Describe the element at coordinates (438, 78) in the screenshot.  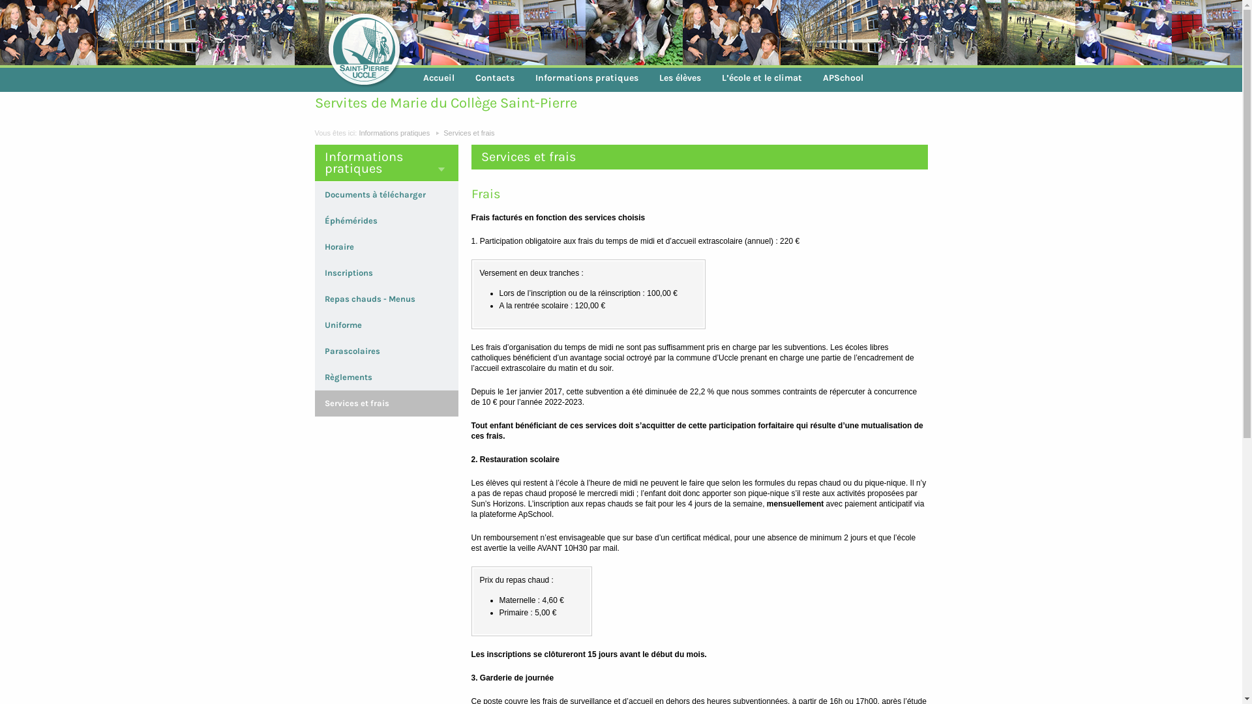
I see `'Accueil'` at that location.